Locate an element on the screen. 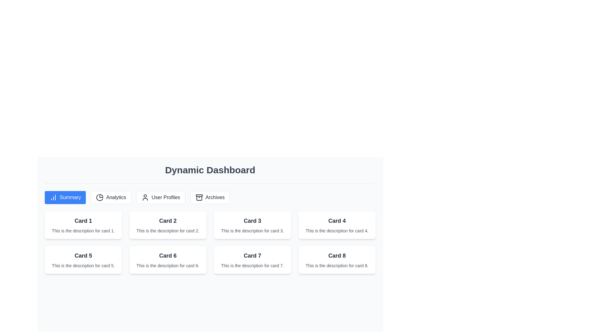  the text label element displaying 'Card 6', which is styled with a large bold font and is located in the sixth card of a 4x2 grid layout is located at coordinates (168, 255).